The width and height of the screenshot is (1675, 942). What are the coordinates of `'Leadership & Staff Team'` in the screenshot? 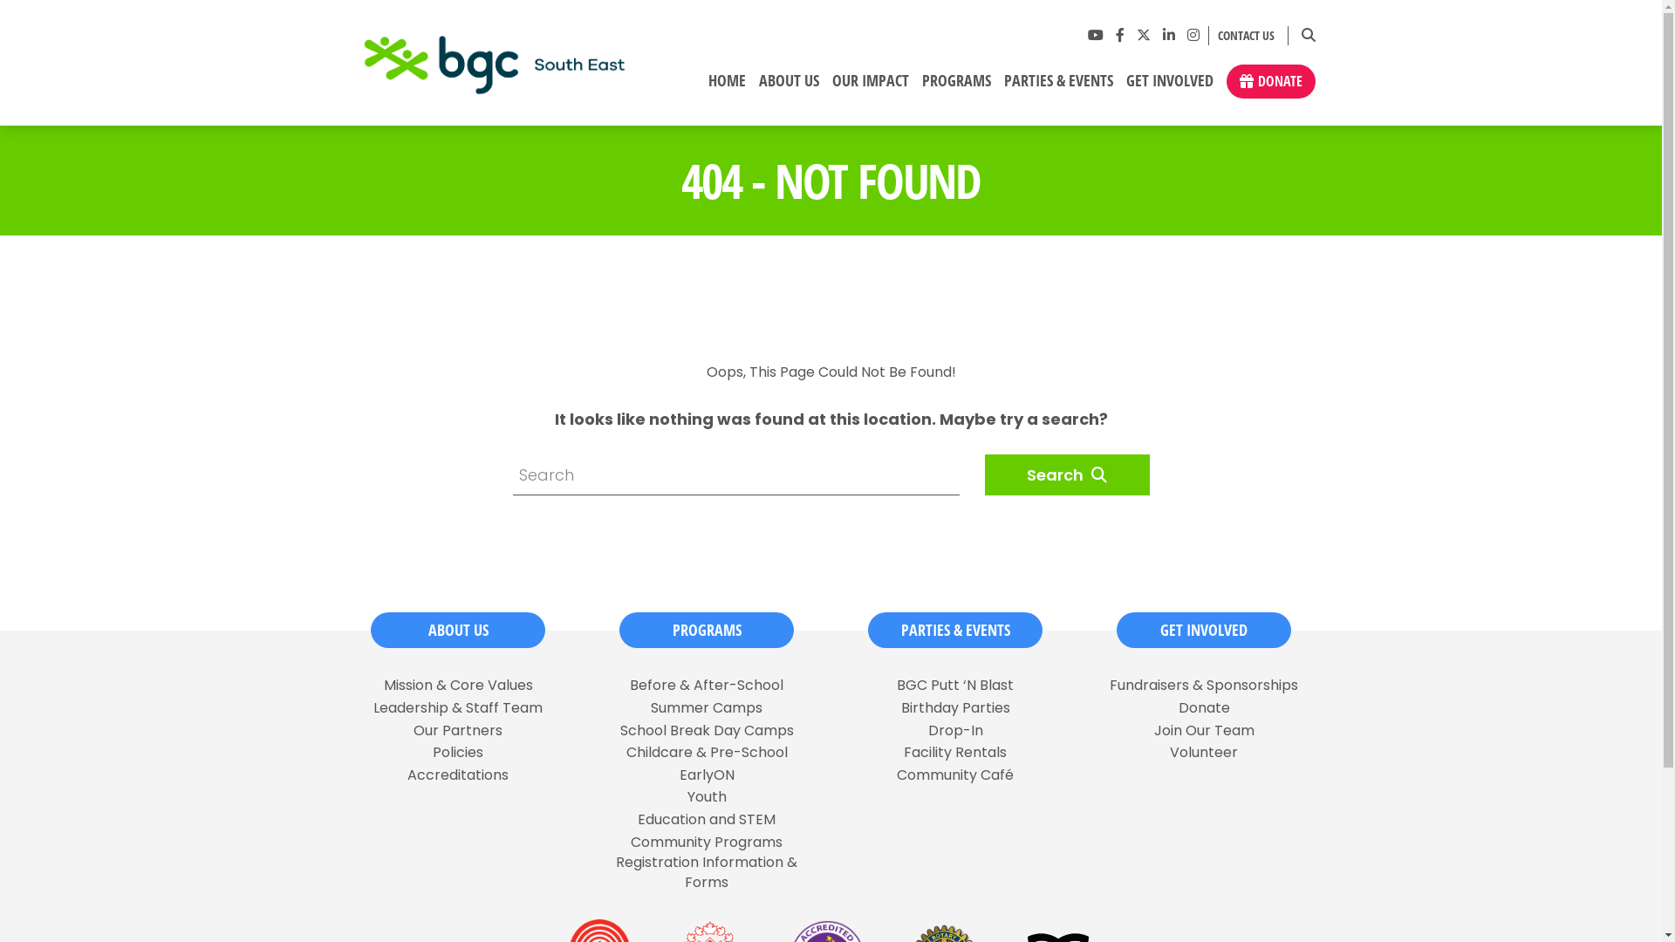 It's located at (372, 708).